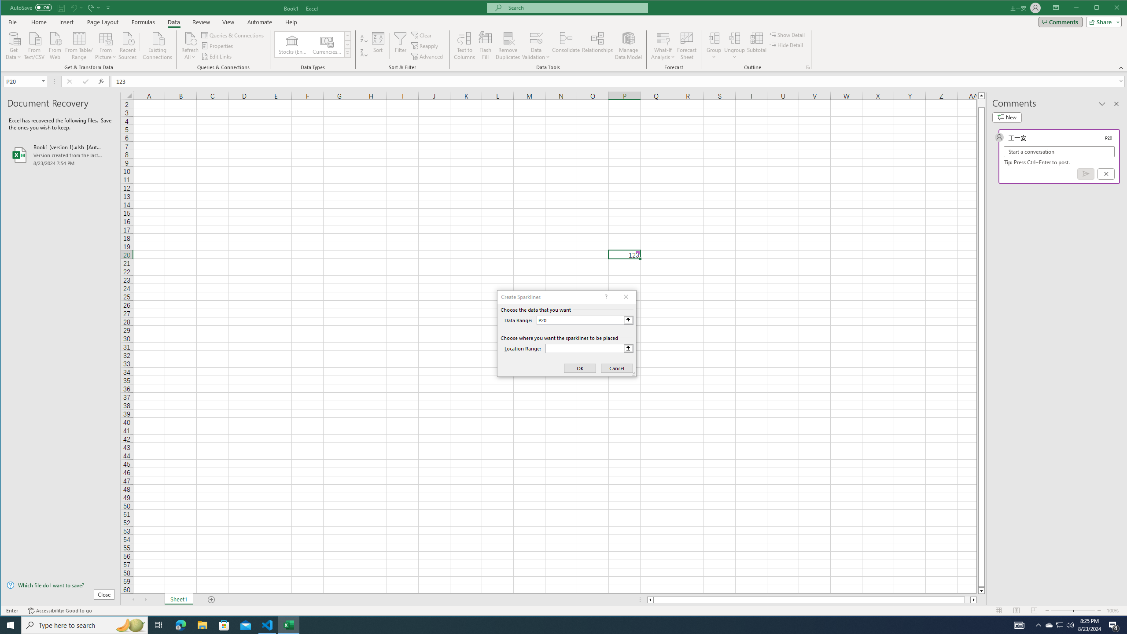  Describe the element at coordinates (12, 22) in the screenshot. I see `'File Tab'` at that location.